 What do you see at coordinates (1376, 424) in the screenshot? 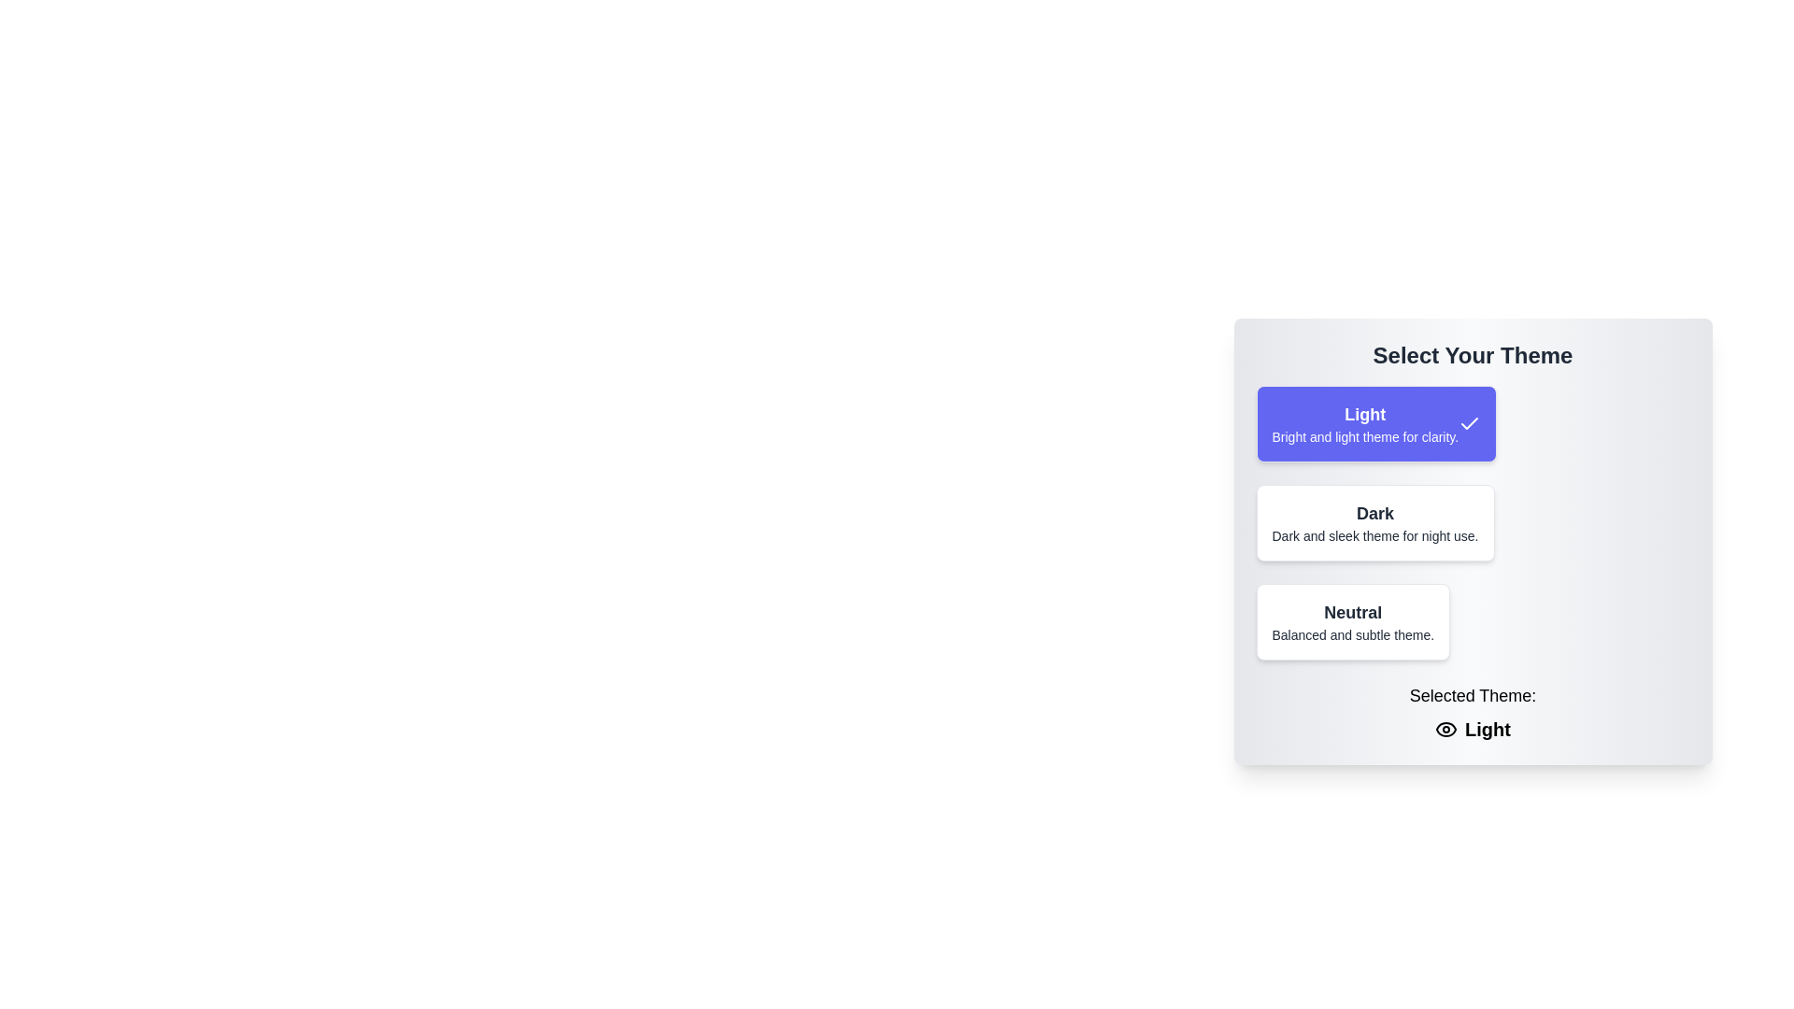
I see `the 'Light' theme button, which is a rectangular button with rounded corners, purple background, and displays 'Light' in bold text, located at the center of the interface above the 'Dark' and 'Neutral' theme buttons` at bounding box center [1376, 424].